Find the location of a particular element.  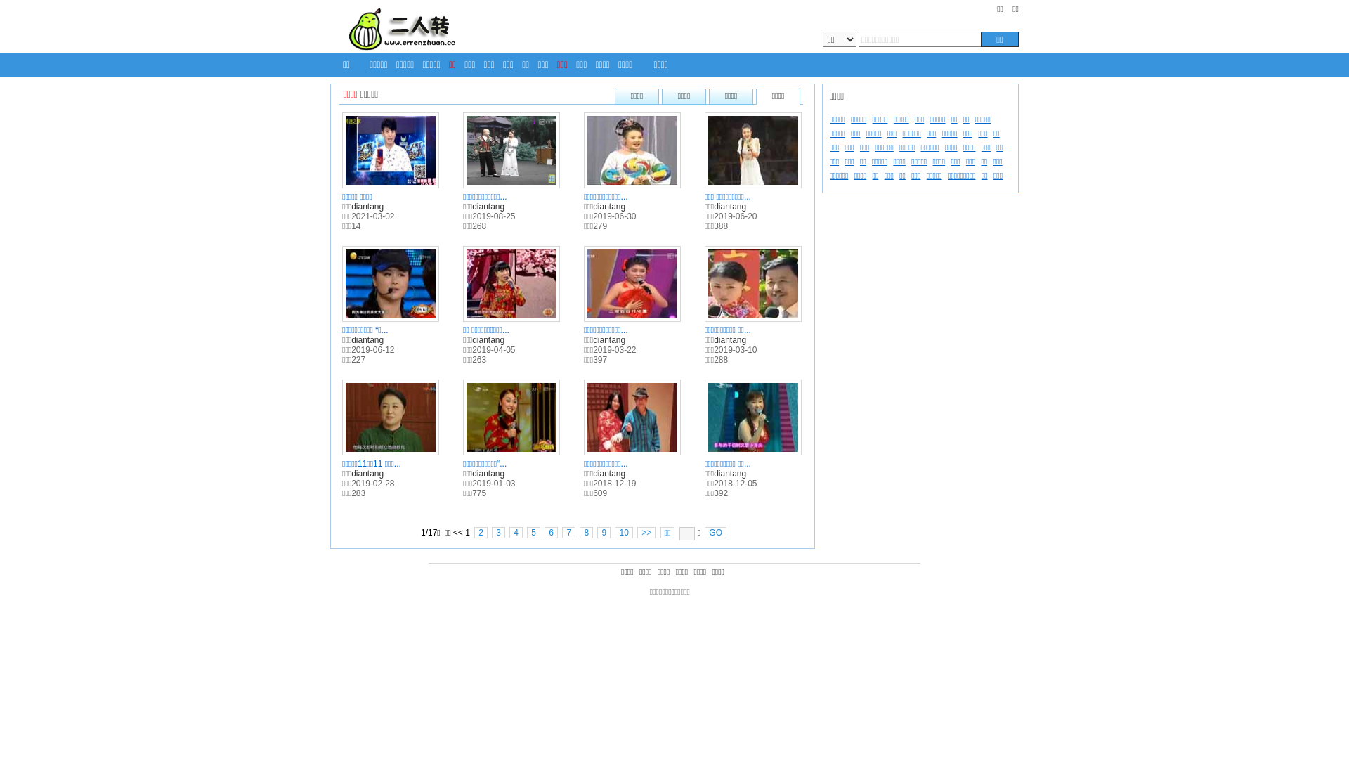

'5' is located at coordinates (533, 533).